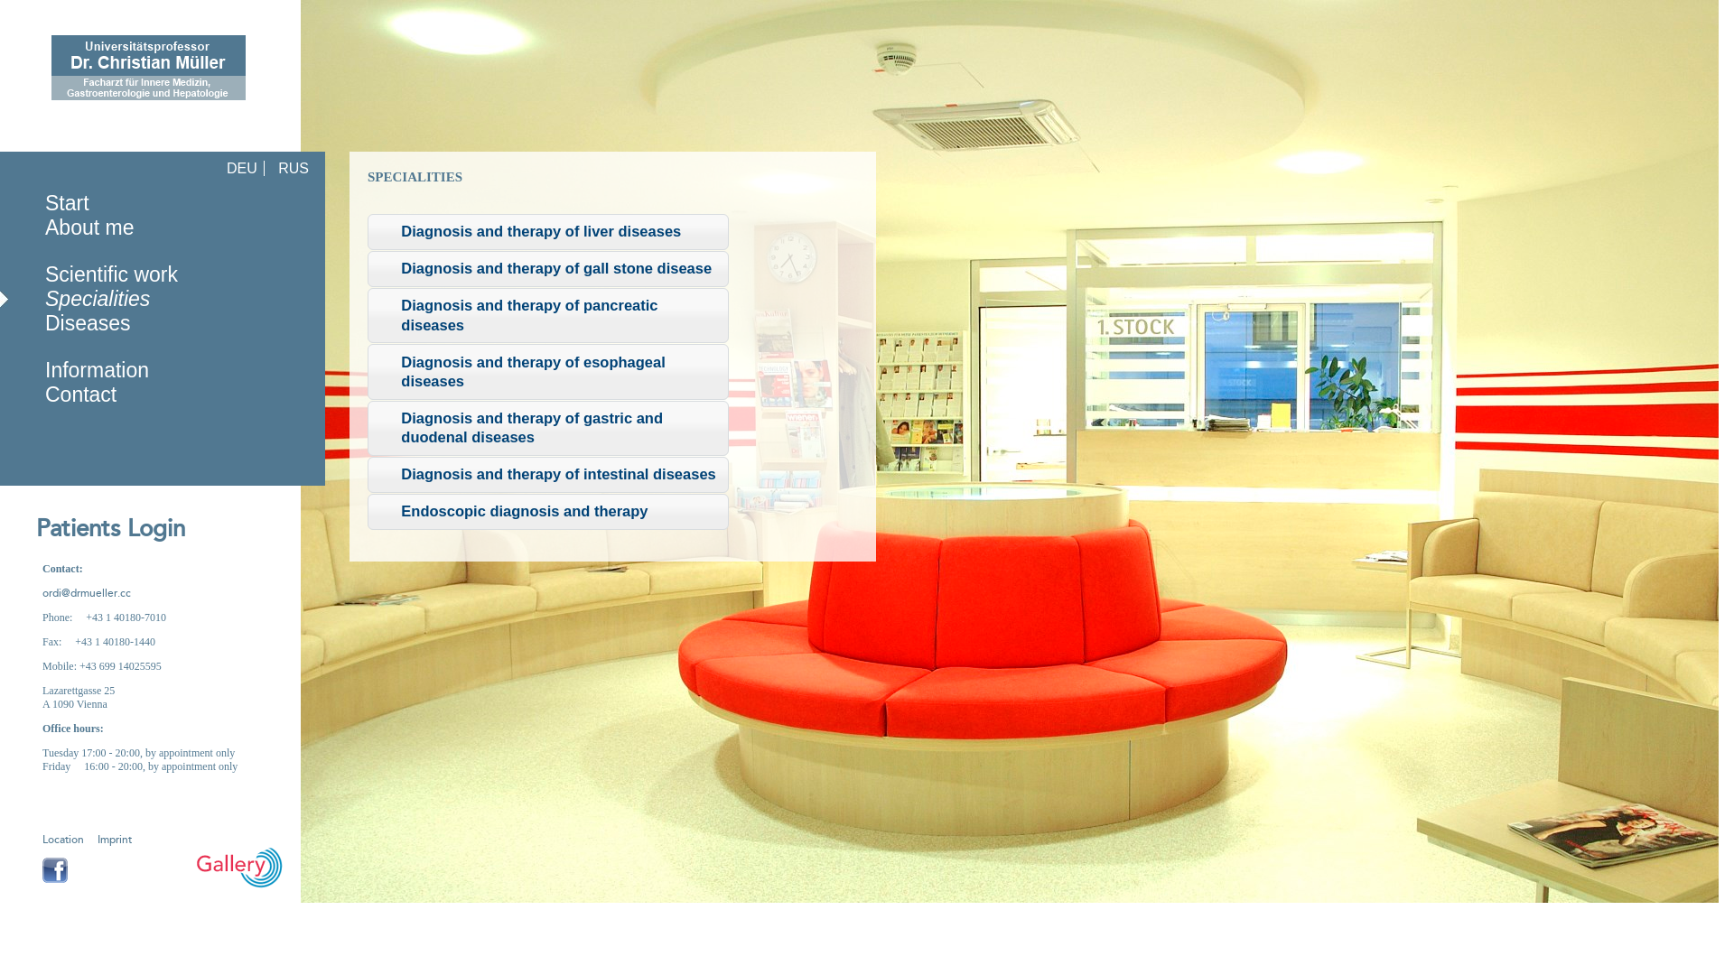 This screenshot has height=975, width=1734. I want to click on 'Imprint', so click(97, 840).